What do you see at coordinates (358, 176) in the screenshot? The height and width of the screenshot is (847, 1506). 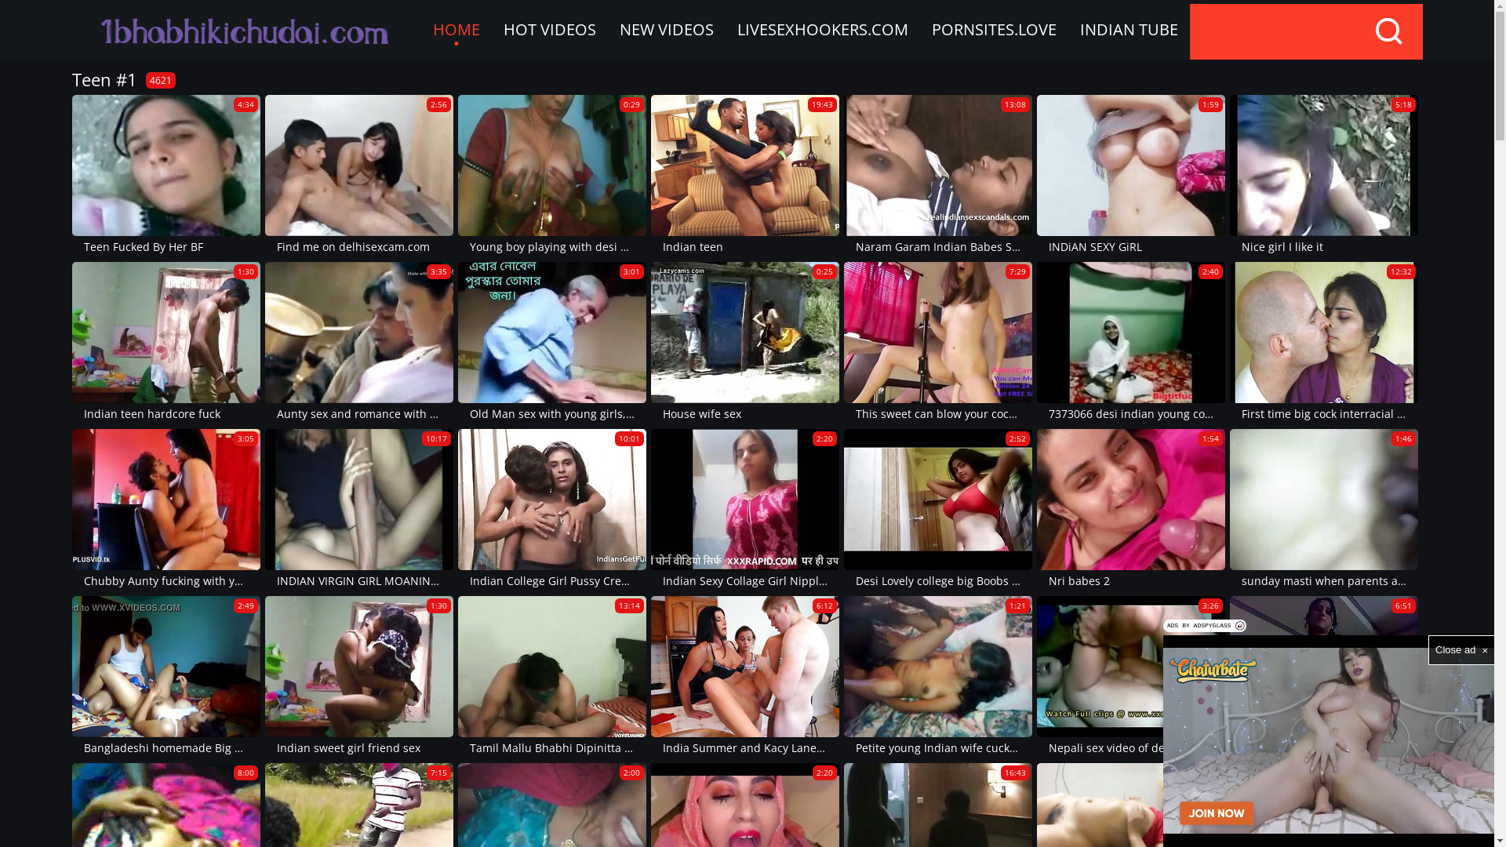 I see `'2:56` at bounding box center [358, 176].